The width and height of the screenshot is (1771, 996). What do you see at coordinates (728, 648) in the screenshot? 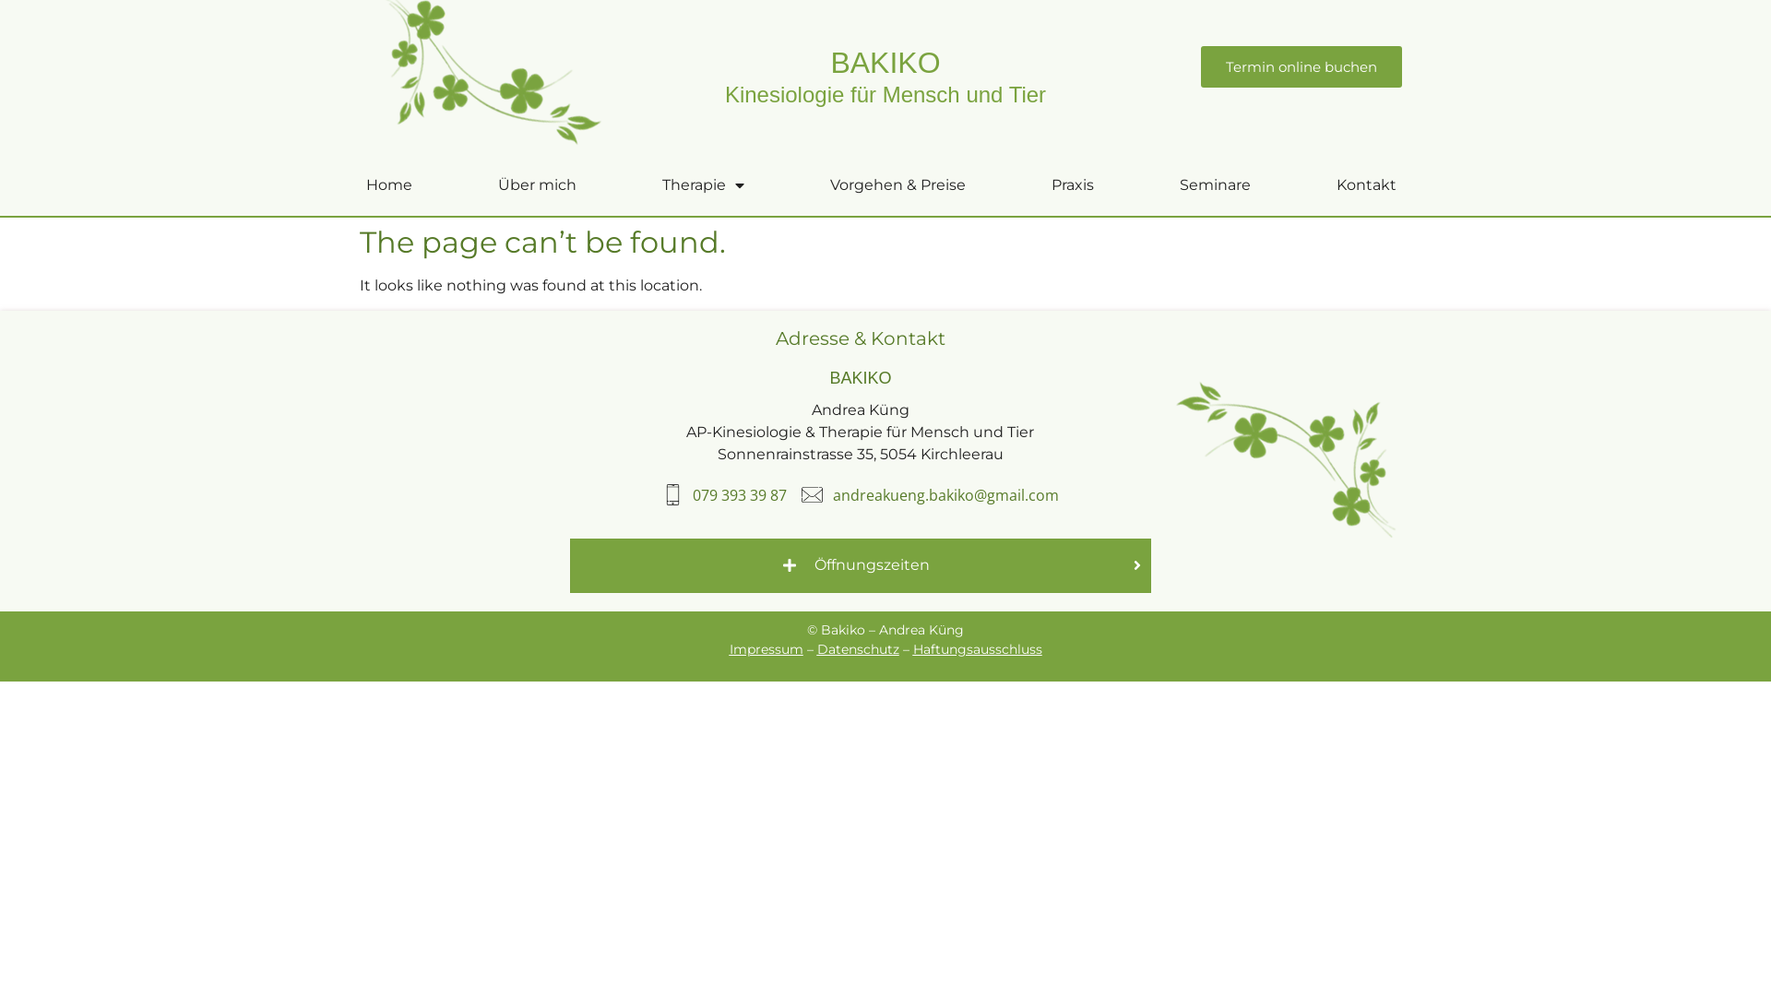
I see `'Impressum'` at bounding box center [728, 648].